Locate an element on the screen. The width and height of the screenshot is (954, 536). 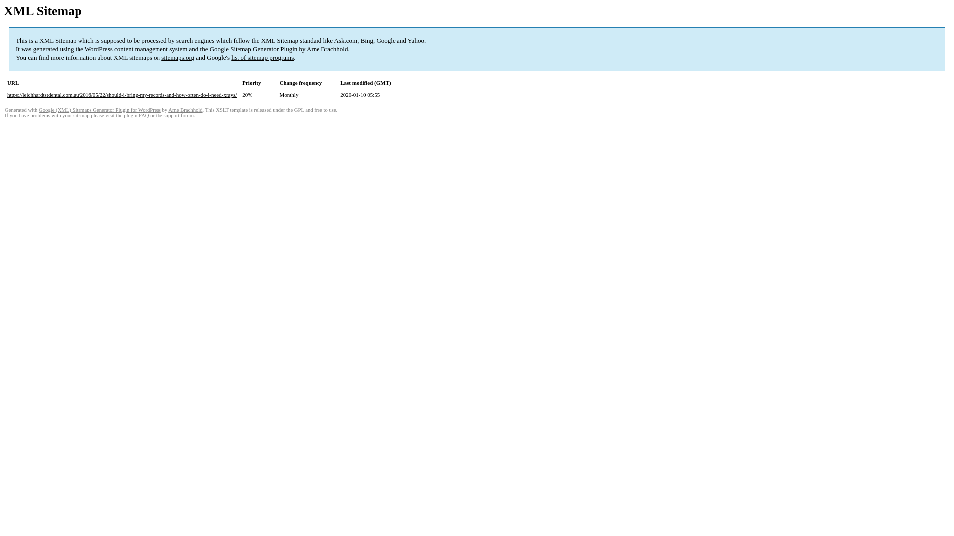
'plugin FAQ' is located at coordinates (135, 115).